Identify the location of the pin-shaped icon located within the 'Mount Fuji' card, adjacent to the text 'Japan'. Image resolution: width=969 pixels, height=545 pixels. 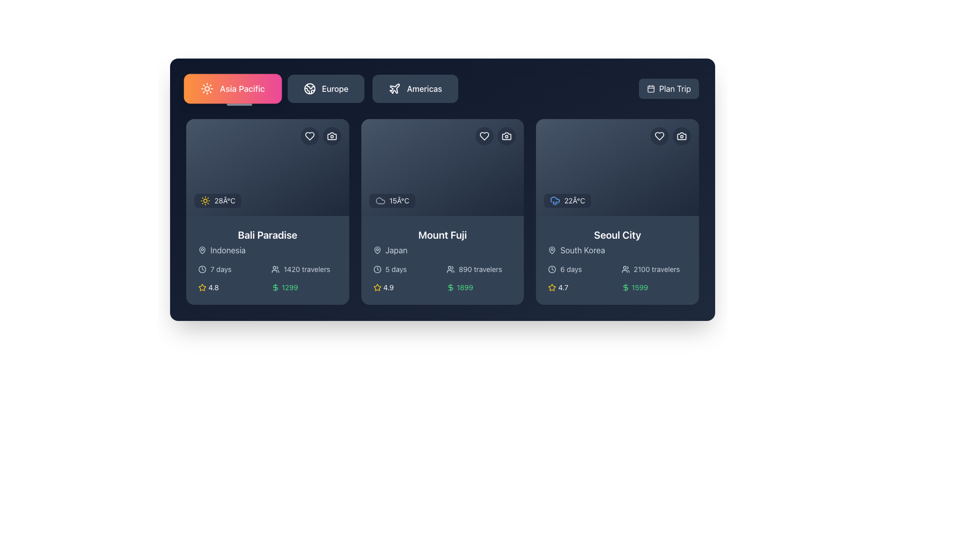
(376, 250).